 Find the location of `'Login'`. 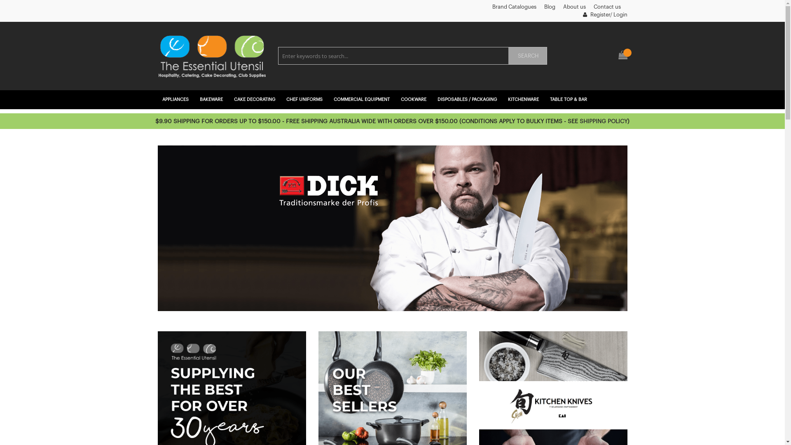

'Login' is located at coordinates (620, 14).